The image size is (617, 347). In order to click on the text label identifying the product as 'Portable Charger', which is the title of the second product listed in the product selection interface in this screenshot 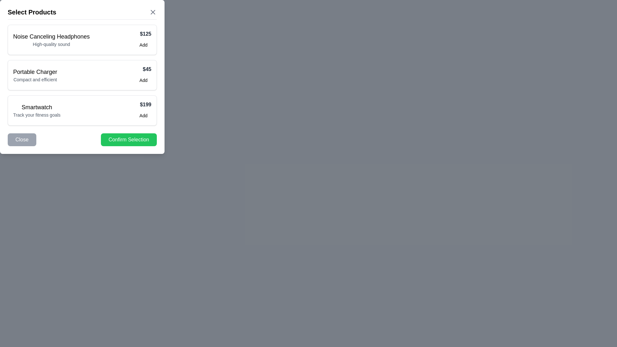, I will do `click(35, 72)`.